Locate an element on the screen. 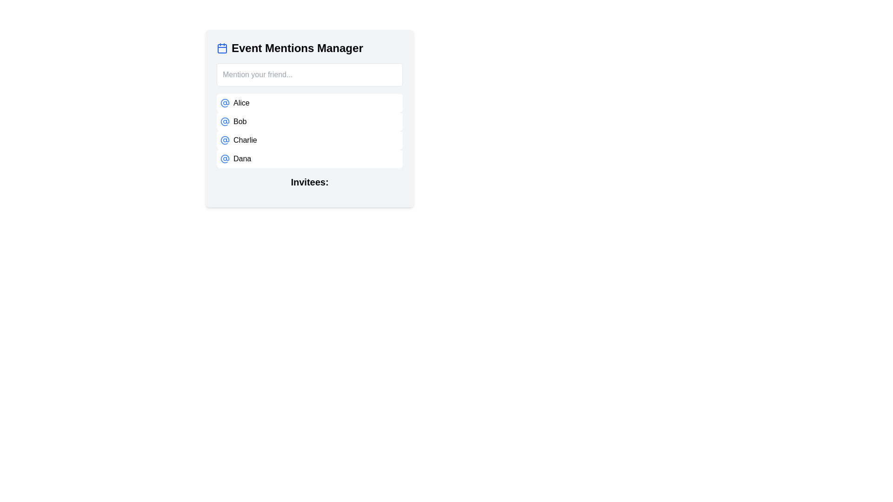  the blue rounded '@' icon located next to the label 'Bob' in the main area of the interface is located at coordinates (225, 103).